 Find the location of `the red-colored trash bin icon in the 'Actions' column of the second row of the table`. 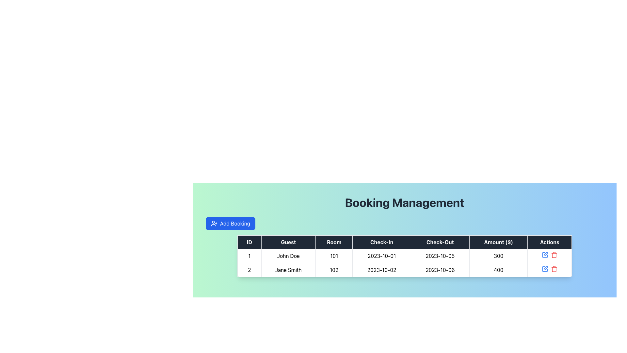

the red-colored trash bin icon in the 'Actions' column of the second row of the table is located at coordinates (554, 254).